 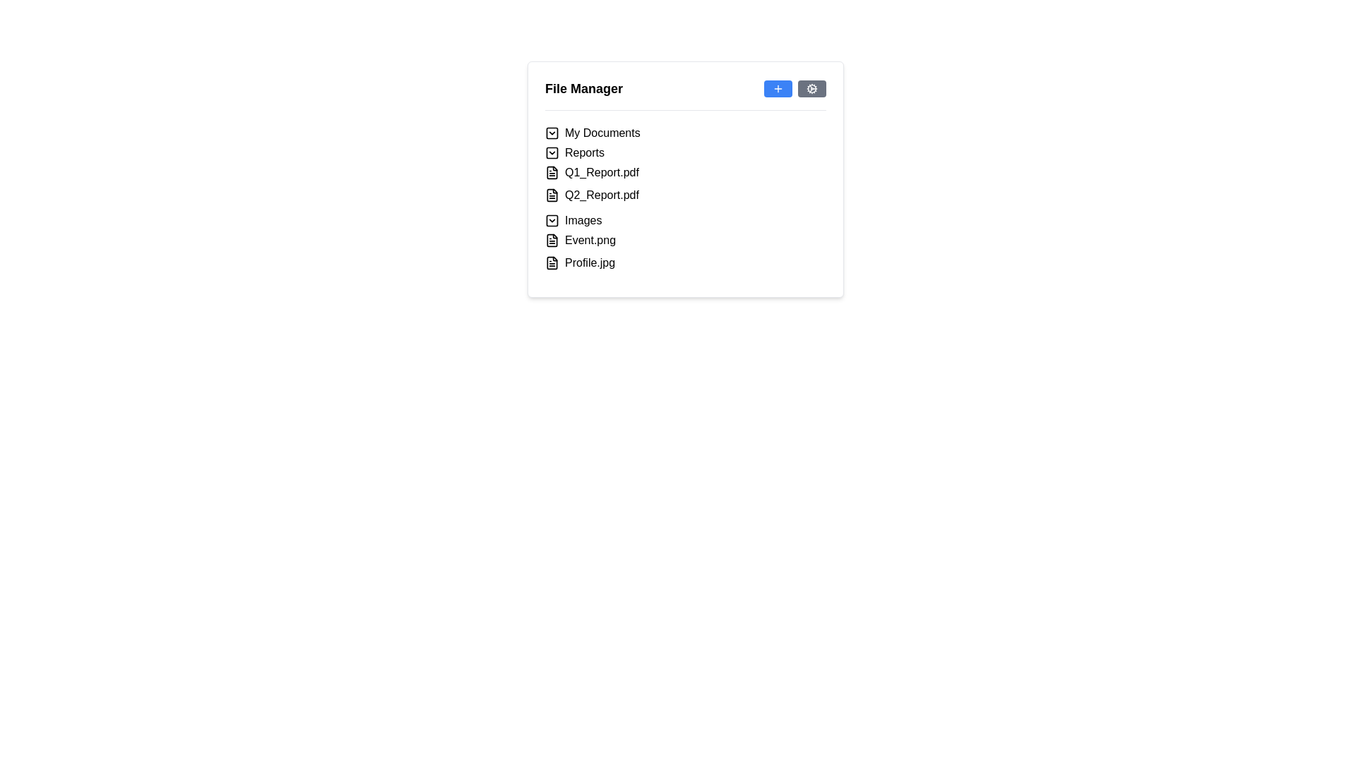 I want to click on the Toggle icon for the 'Images' folder in the file manager to provide visual feedback, so click(x=552, y=220).